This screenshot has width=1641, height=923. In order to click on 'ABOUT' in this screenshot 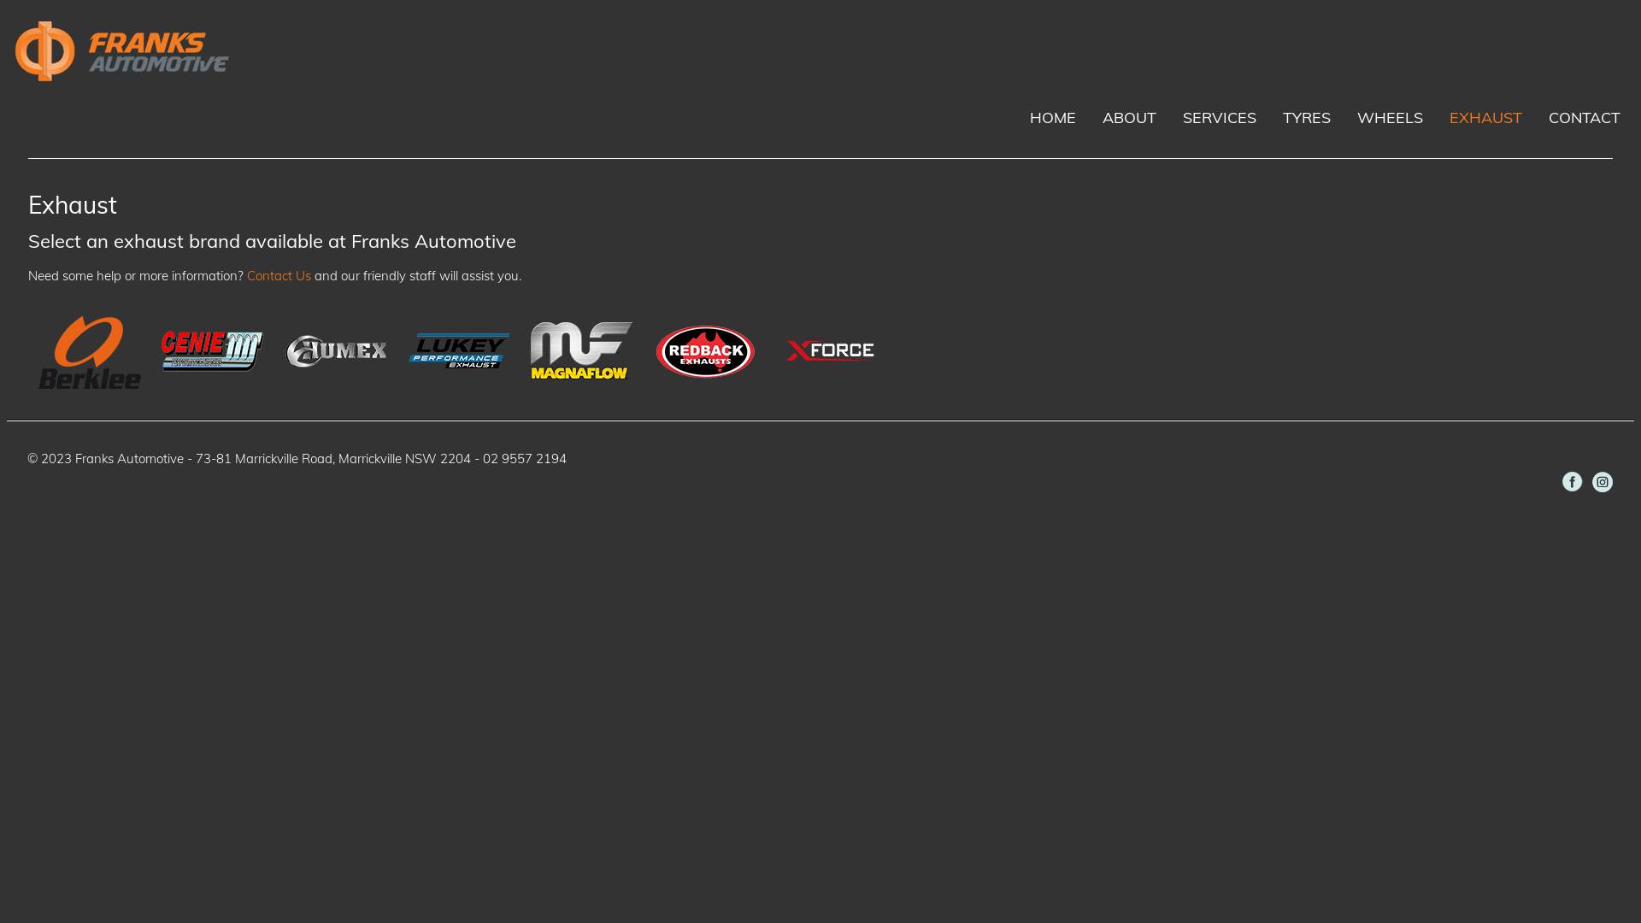, I will do `click(1098, 116)`.